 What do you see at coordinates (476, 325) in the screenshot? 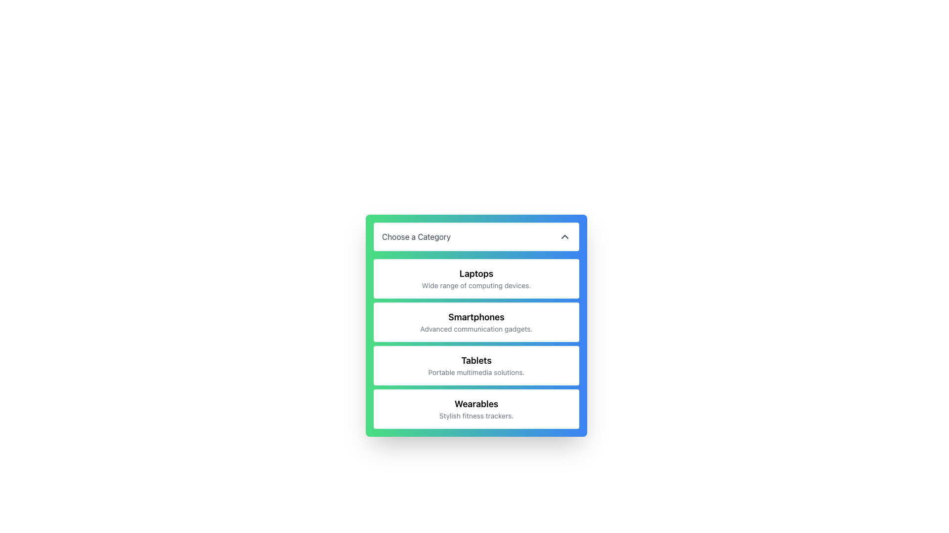
I see `the 'Smartphones' text within the gradient-styled list item that includes a title 'Choose a Category' and is the second block in a vertical list of options` at bounding box center [476, 325].